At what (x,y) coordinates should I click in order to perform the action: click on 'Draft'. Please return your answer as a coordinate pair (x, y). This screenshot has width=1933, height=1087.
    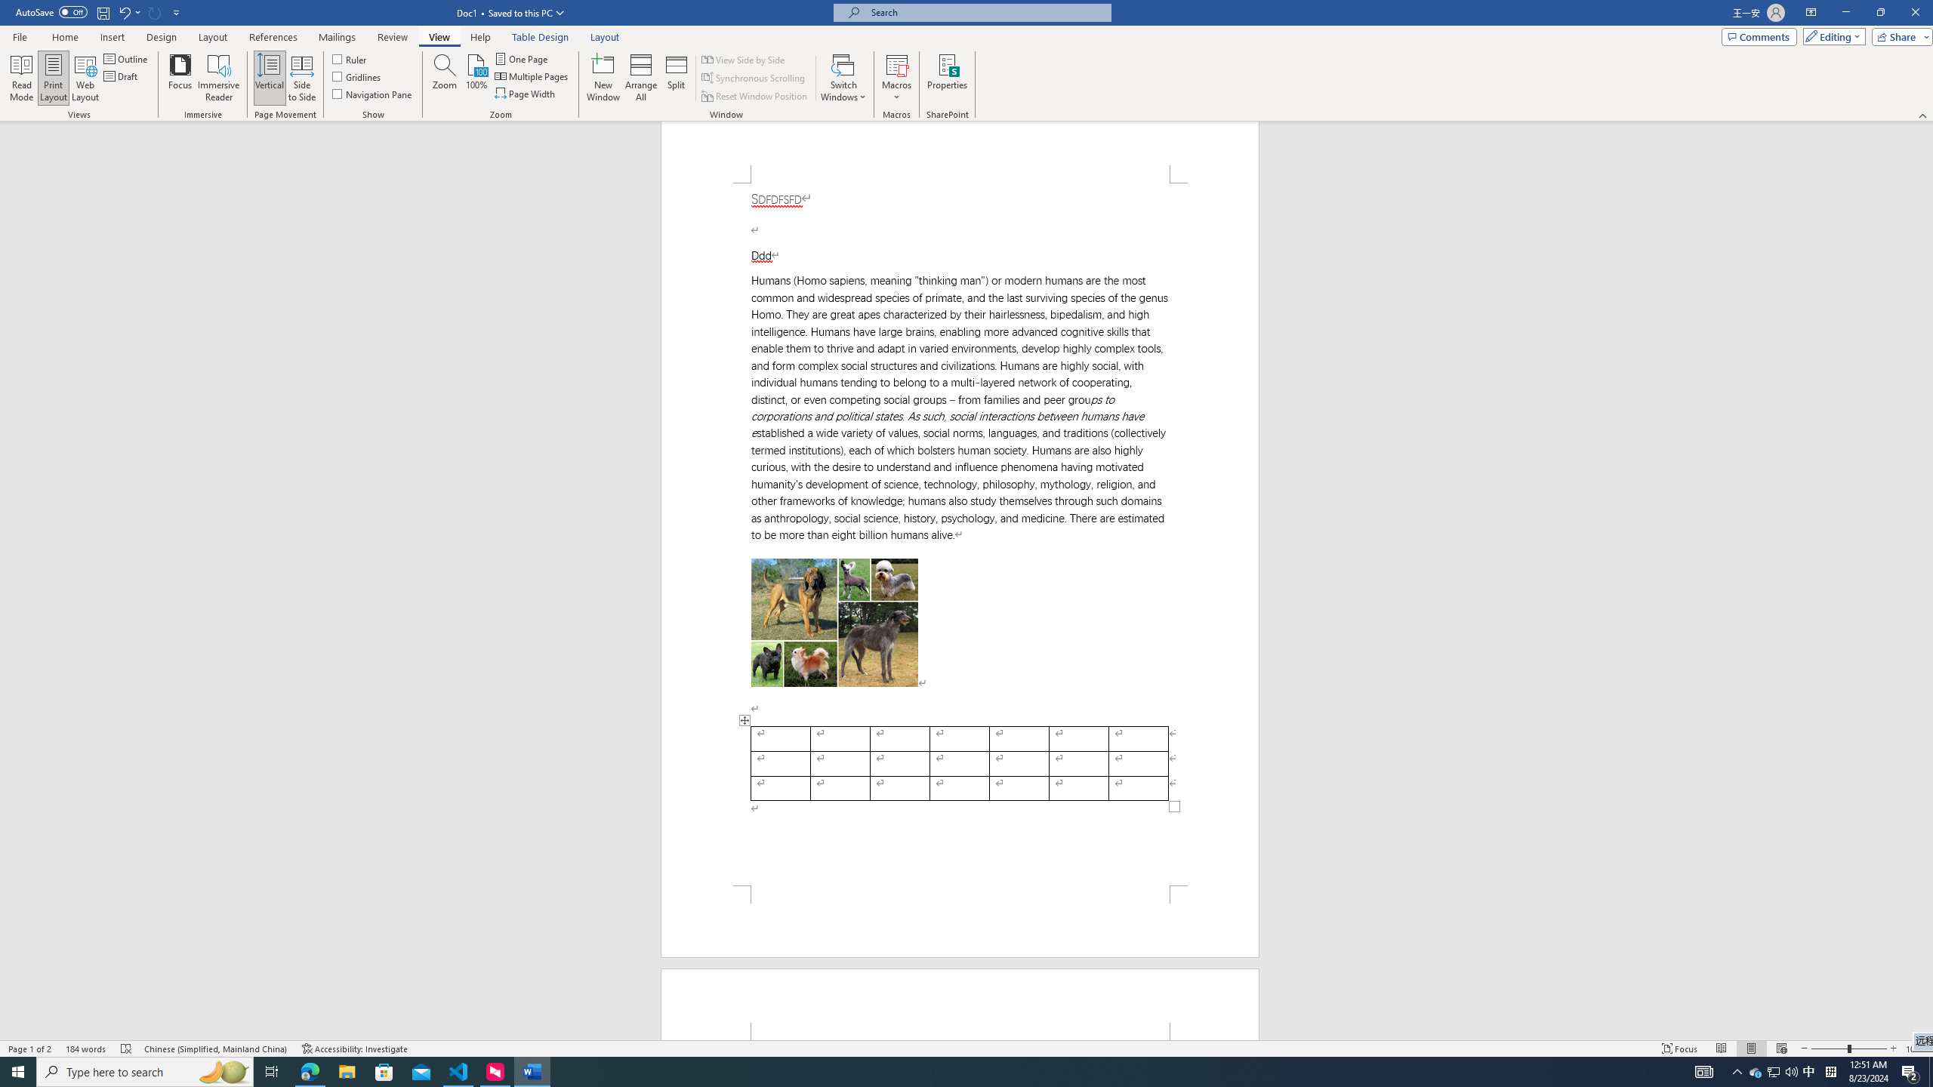
    Looking at the image, I should click on (121, 75).